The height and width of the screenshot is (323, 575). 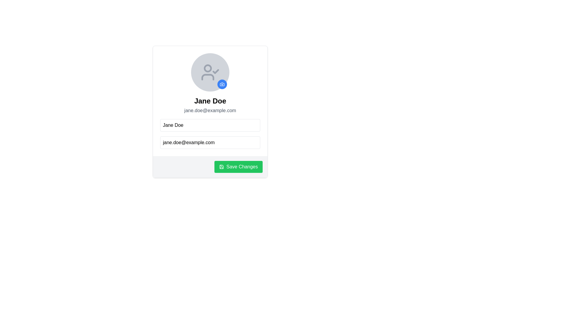 I want to click on the Text Display element showing the name 'Jane Doe' and email 'jane.doe@example.com', which is located in the center of the card layout, so click(x=210, y=105).